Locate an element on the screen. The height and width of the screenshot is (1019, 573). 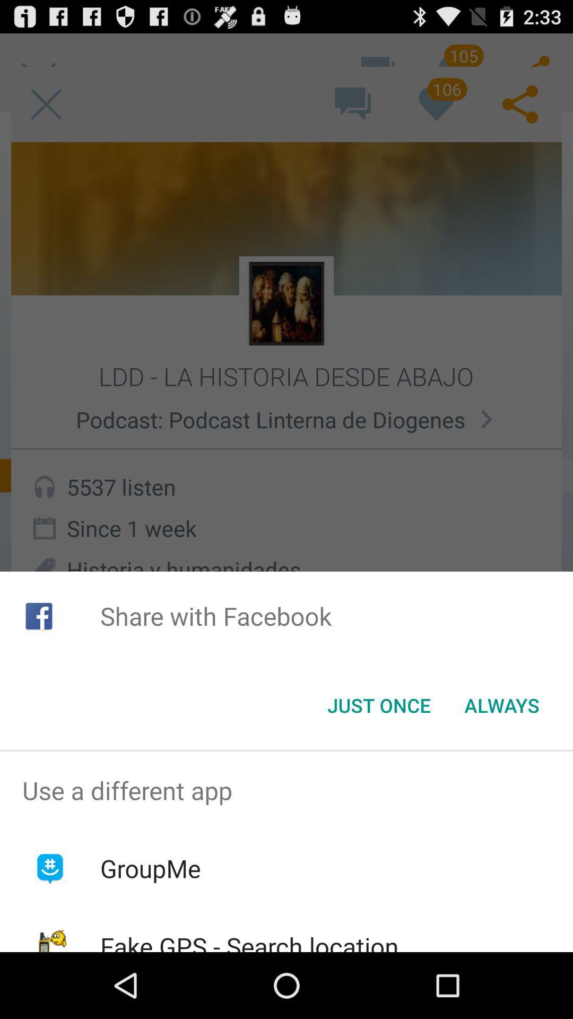
the fake gps search app is located at coordinates (249, 940).